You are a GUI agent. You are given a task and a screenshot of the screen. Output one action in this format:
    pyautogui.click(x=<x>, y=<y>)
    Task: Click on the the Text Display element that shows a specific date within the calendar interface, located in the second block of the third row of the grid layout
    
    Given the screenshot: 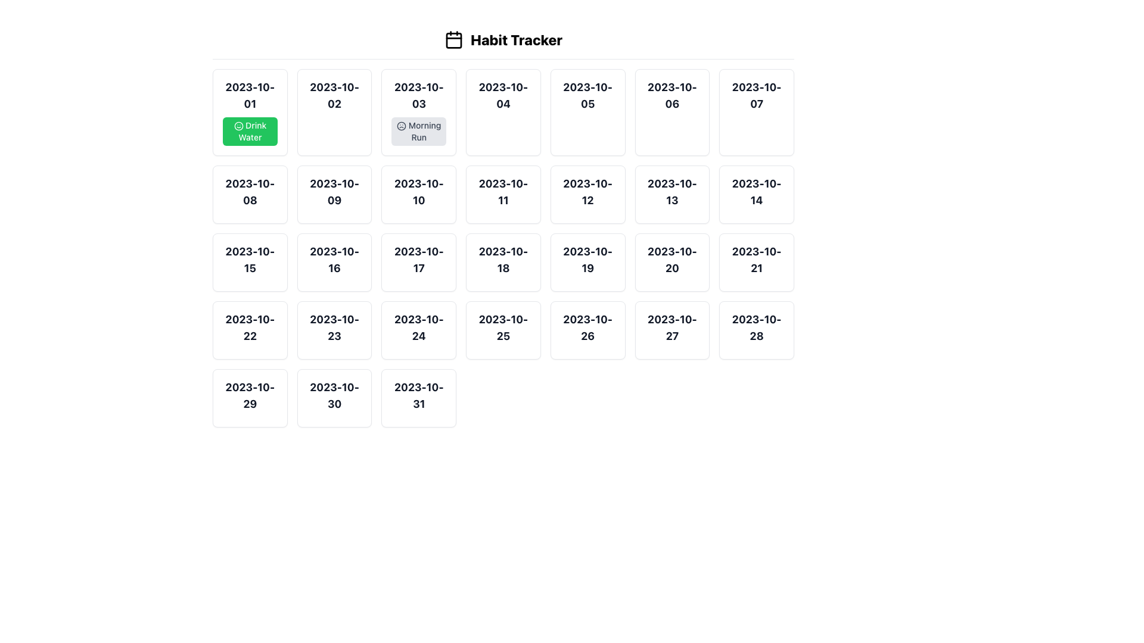 What is the action you would take?
    pyautogui.click(x=249, y=259)
    